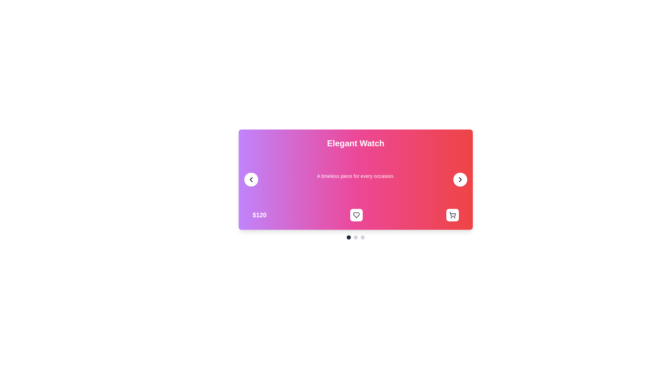  What do you see at coordinates (356, 214) in the screenshot?
I see `the heart-shaped outline icon to mark the item as favorite, which is located at the bottom-center of the card UI component` at bounding box center [356, 214].